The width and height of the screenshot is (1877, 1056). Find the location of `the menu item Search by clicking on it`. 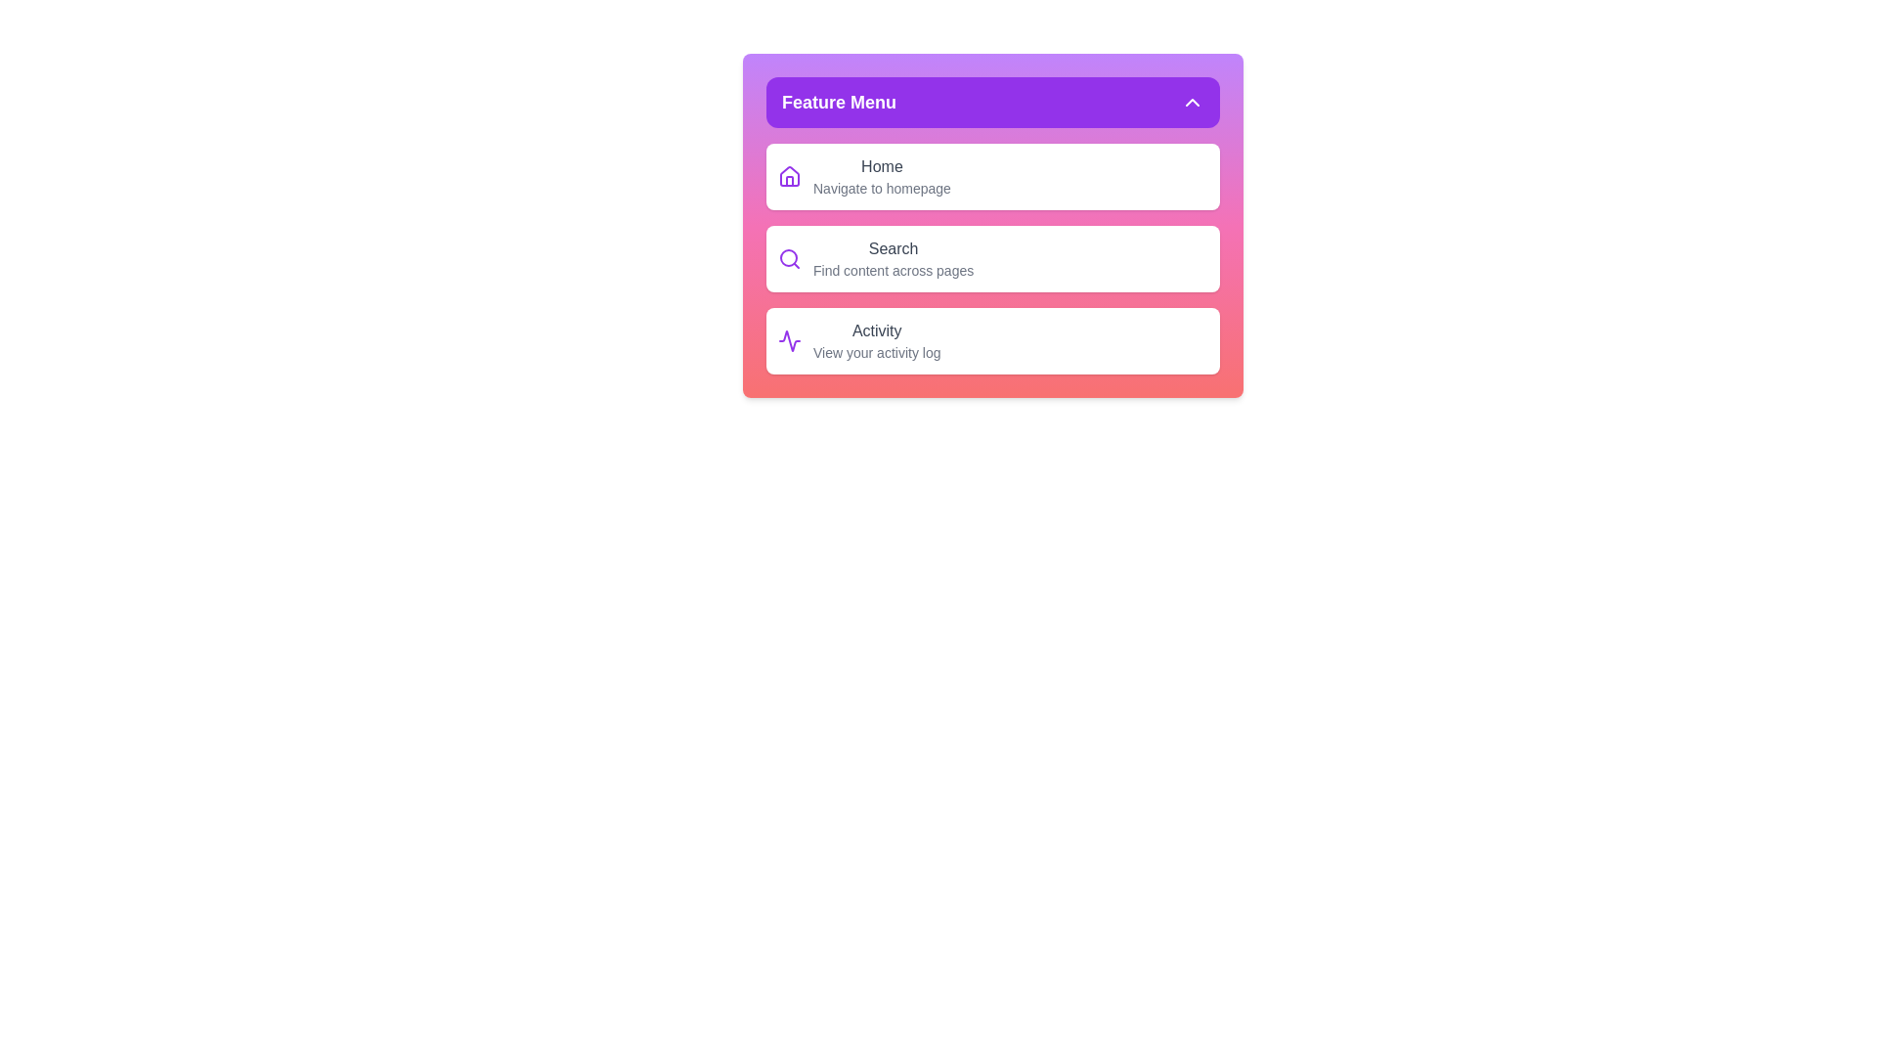

the menu item Search by clicking on it is located at coordinates (993, 258).